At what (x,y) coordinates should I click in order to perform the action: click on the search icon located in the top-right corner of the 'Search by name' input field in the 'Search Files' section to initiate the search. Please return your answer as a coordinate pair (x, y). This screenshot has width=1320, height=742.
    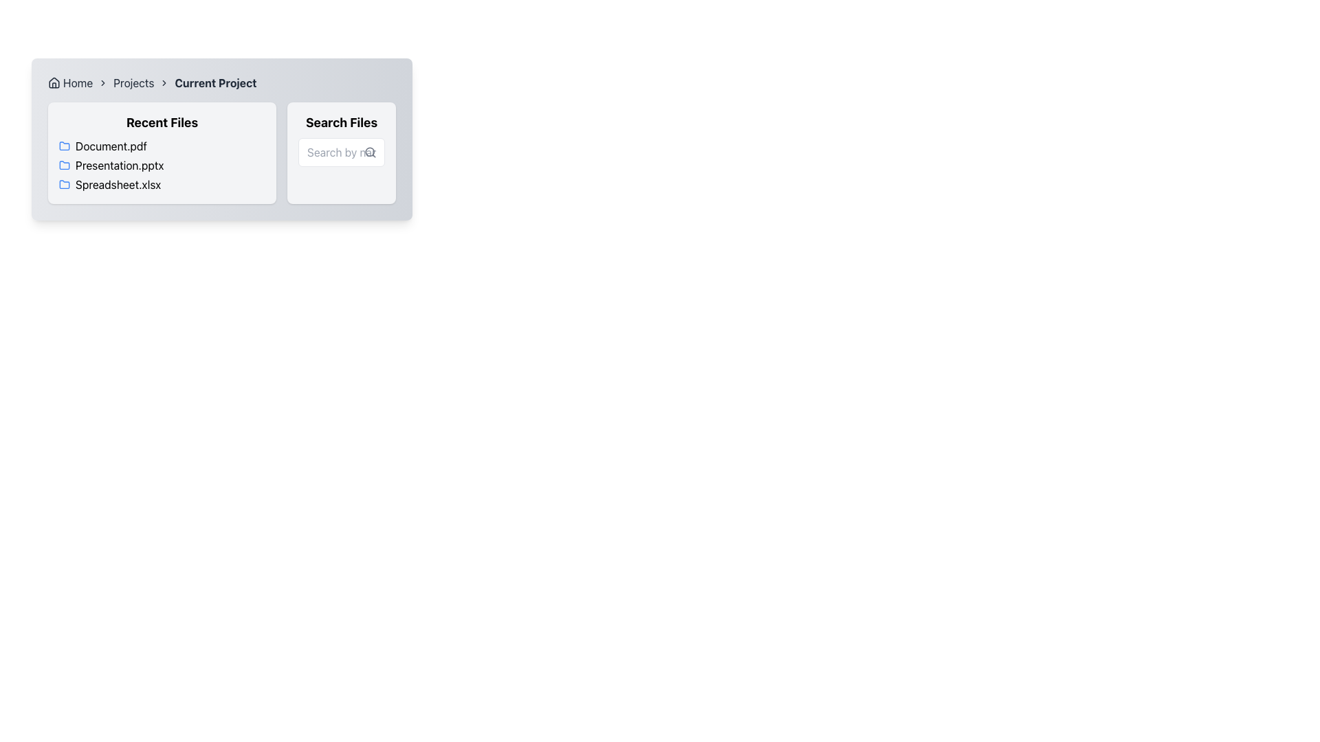
    Looking at the image, I should click on (370, 153).